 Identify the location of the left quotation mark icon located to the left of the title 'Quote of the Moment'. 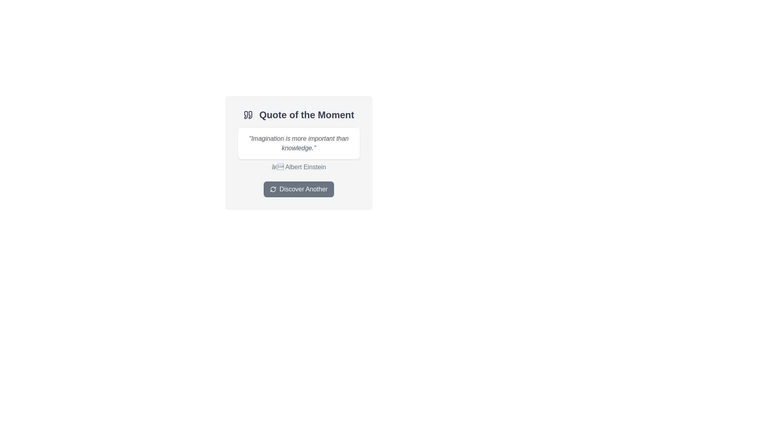
(245, 115).